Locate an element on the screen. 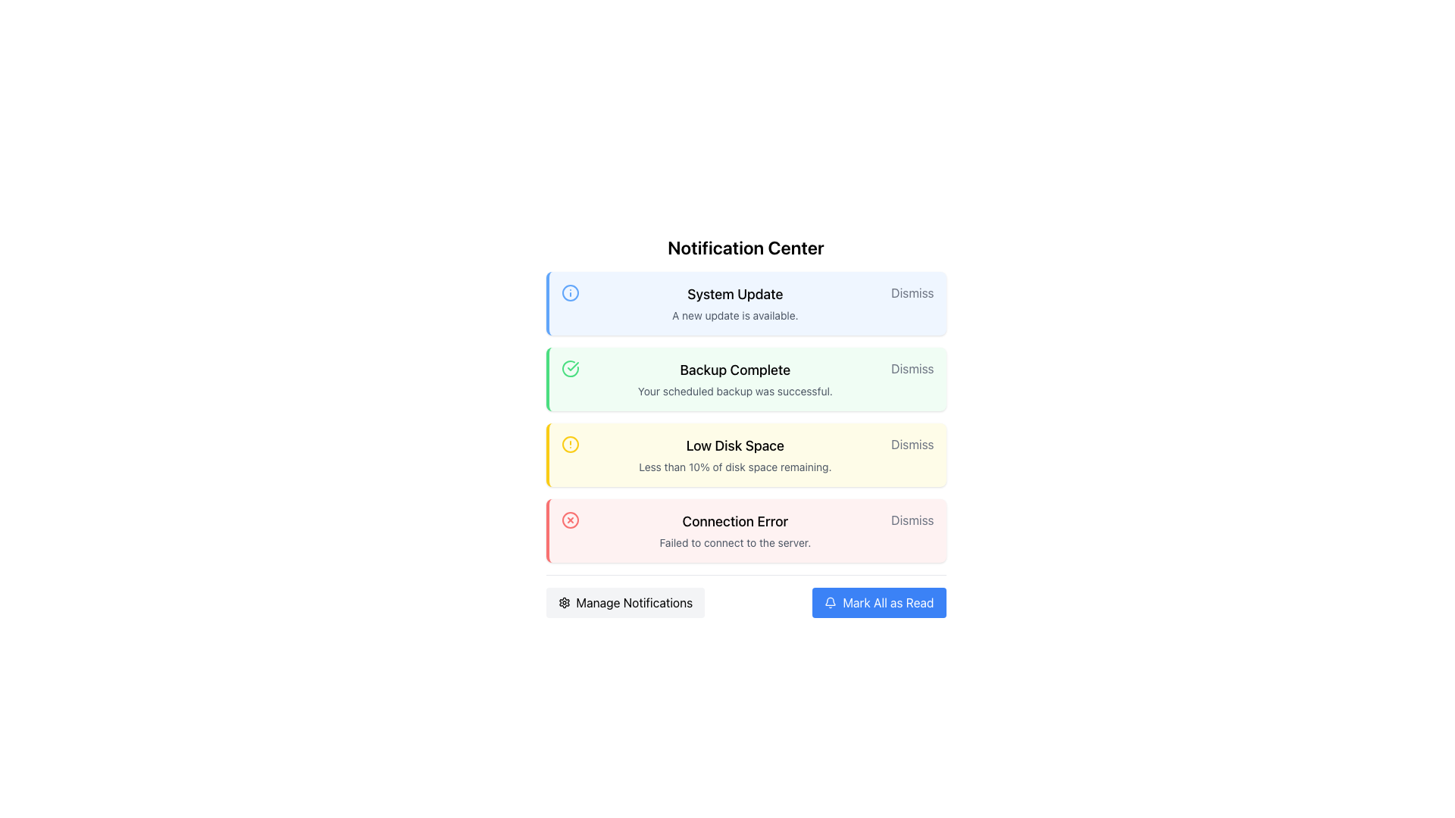  the information icon located at the top-left corner inside the first notification card labeled 'System Update' is located at coordinates (569, 292).